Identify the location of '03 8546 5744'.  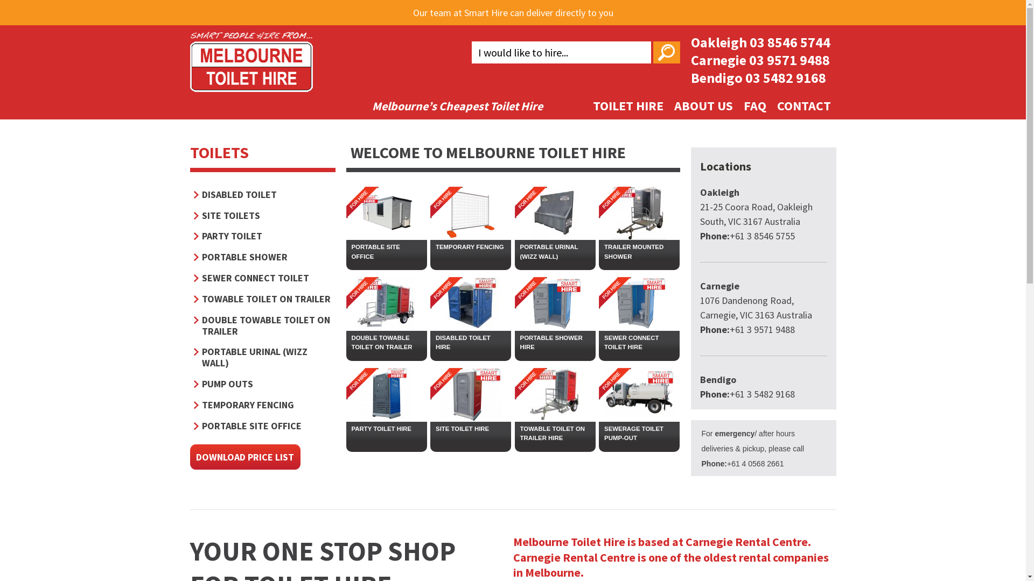
(749, 41).